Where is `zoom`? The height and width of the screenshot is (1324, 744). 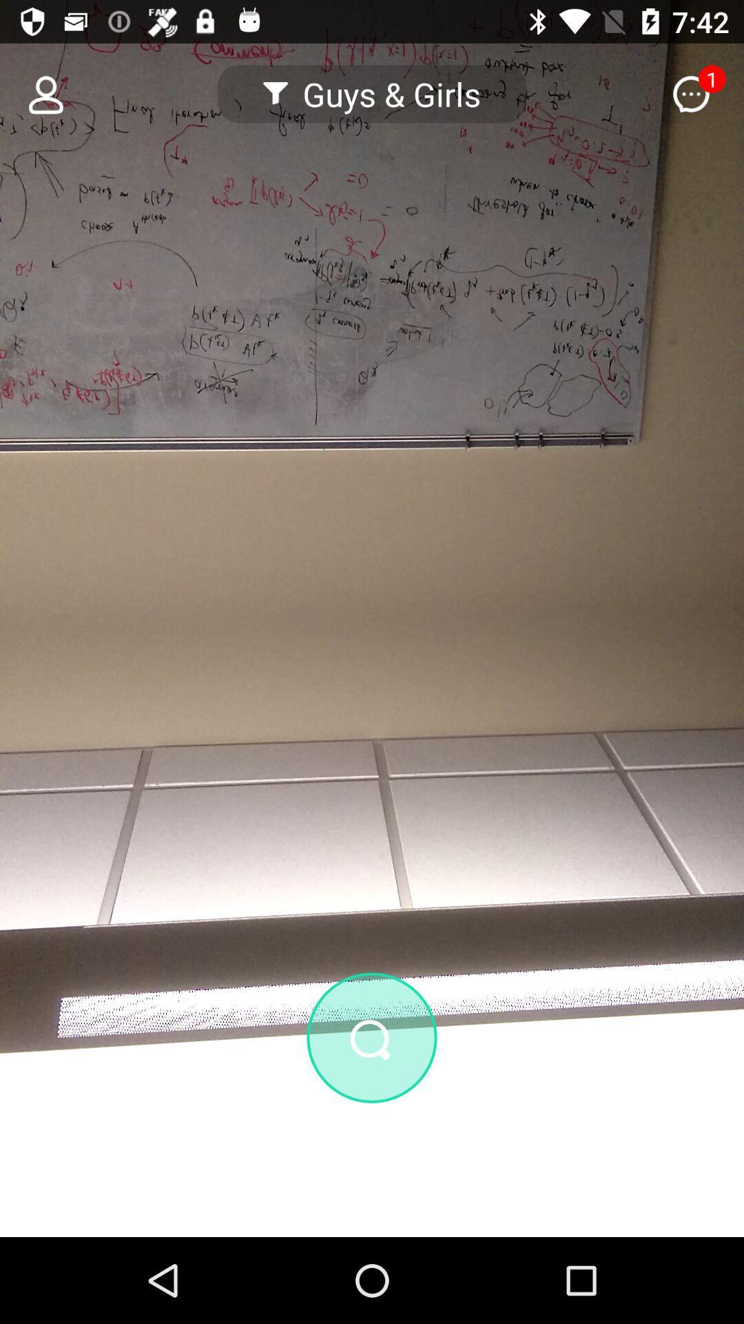 zoom is located at coordinates (372, 1038).